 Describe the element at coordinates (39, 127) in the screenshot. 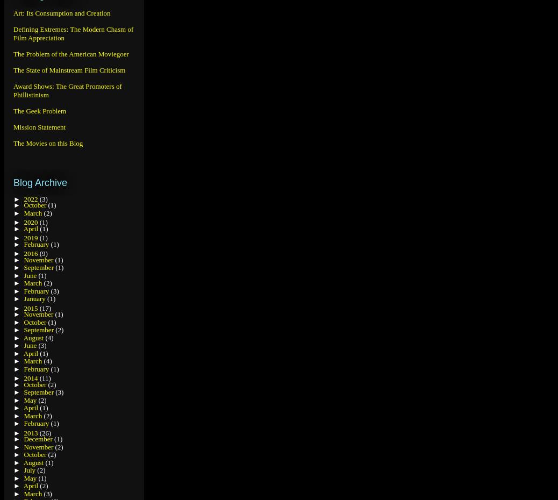

I see `'Mission Statement'` at that location.